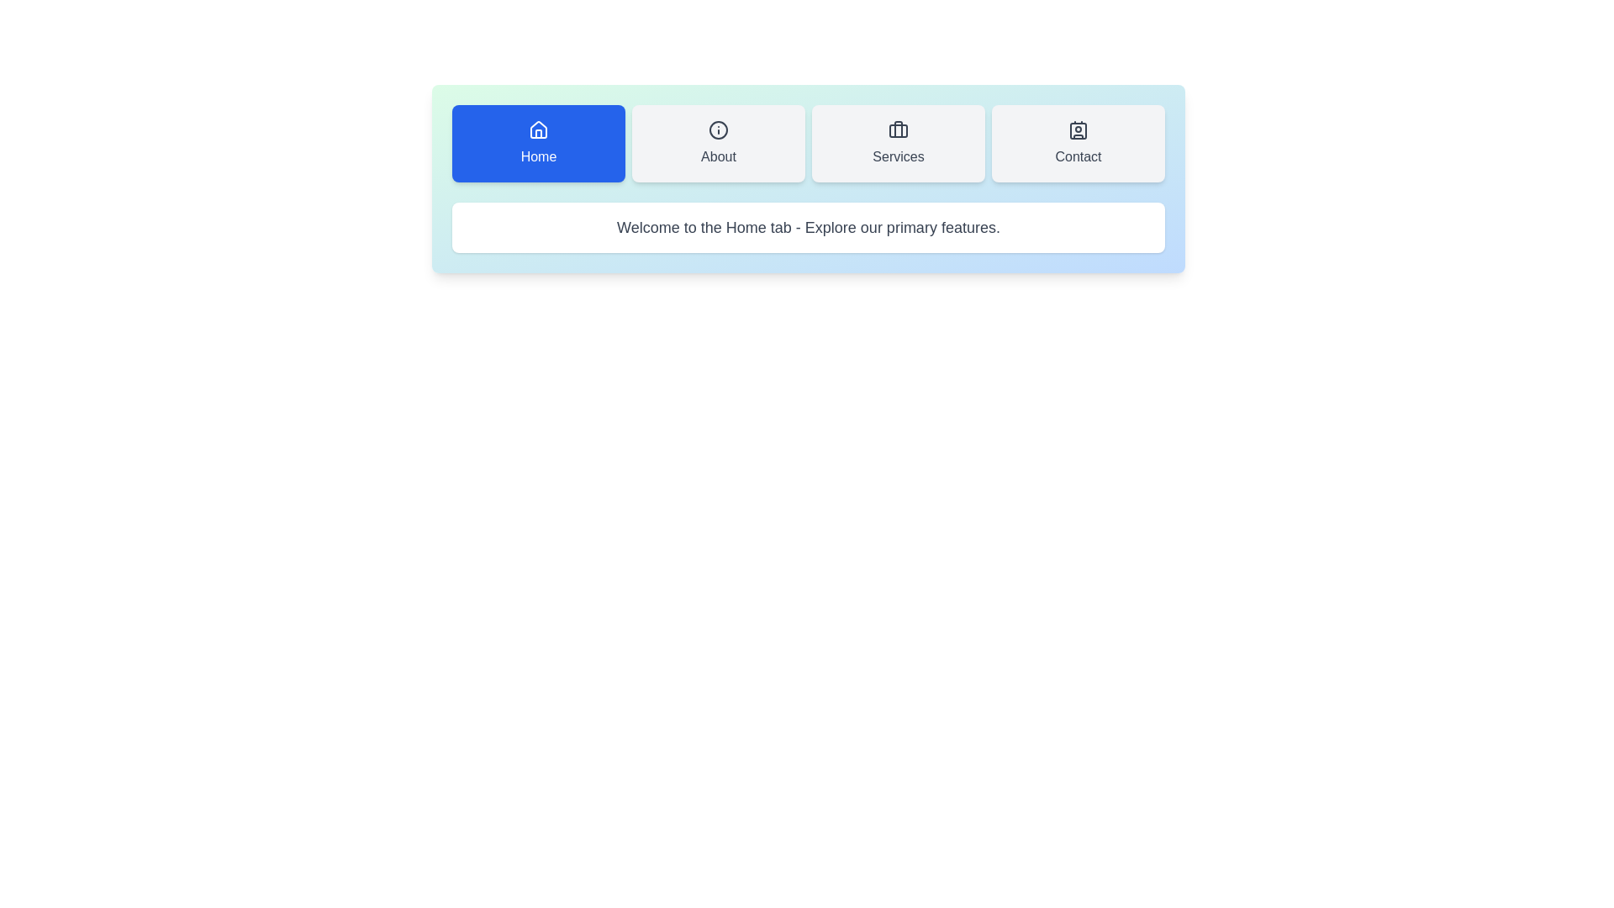 The image size is (1614, 908). What do you see at coordinates (539, 129) in the screenshot?
I see `the 'Home' tab icon located in the top-left corner of the UI for reference` at bounding box center [539, 129].